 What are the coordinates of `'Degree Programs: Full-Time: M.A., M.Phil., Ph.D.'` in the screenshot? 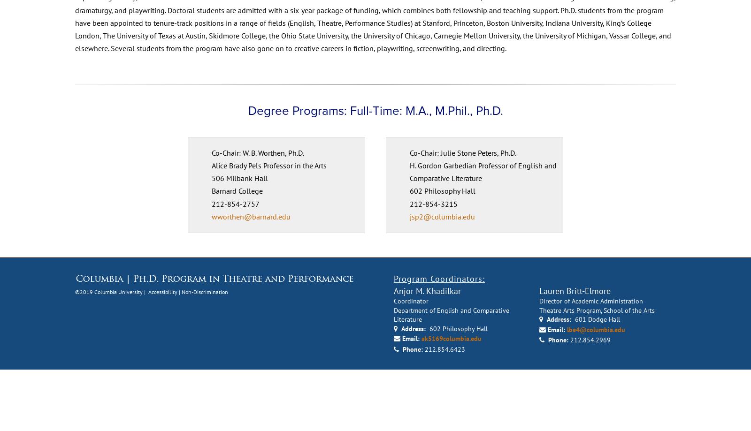 It's located at (247, 162).